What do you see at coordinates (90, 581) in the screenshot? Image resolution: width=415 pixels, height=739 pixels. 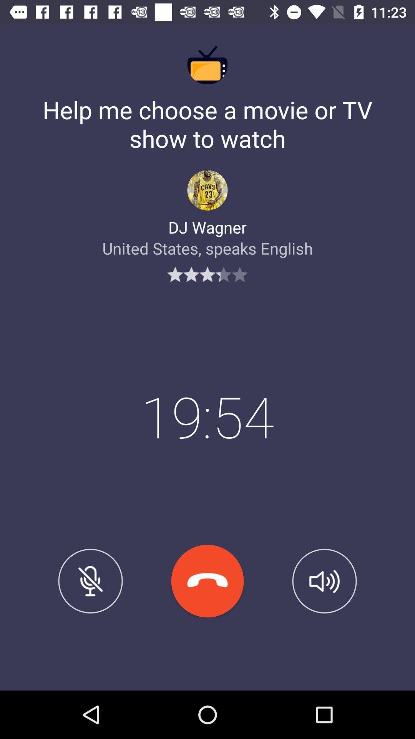 I see `mute option` at bounding box center [90, 581].